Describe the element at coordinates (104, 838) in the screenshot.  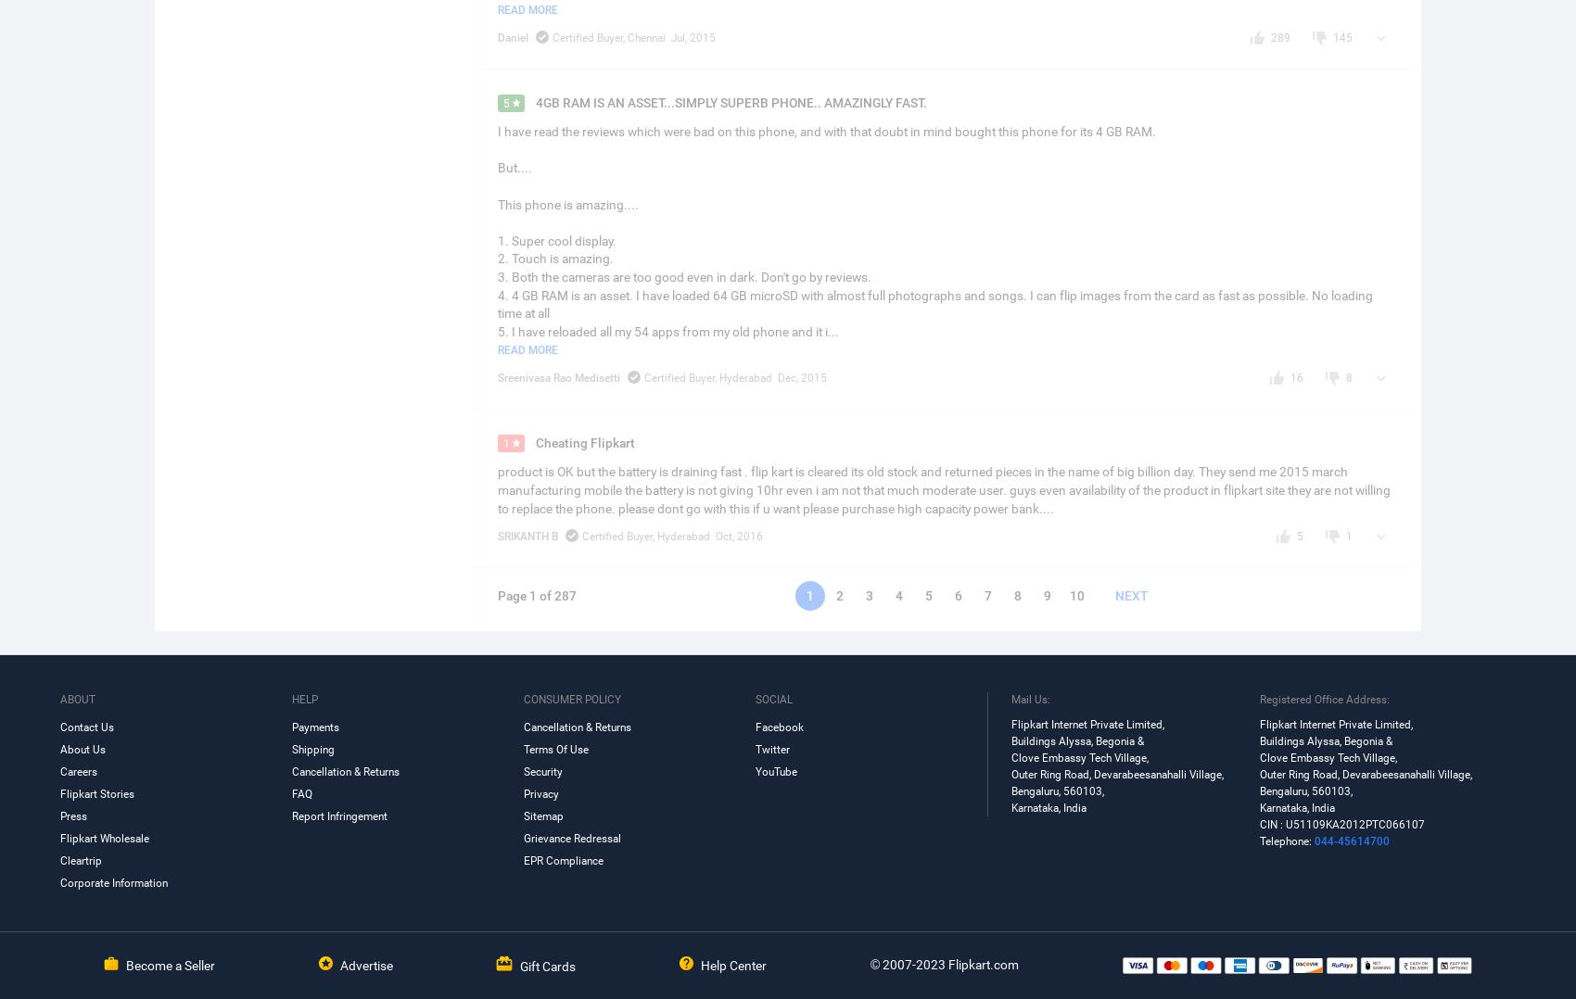
I see `'Flipkart Wholesale'` at that location.